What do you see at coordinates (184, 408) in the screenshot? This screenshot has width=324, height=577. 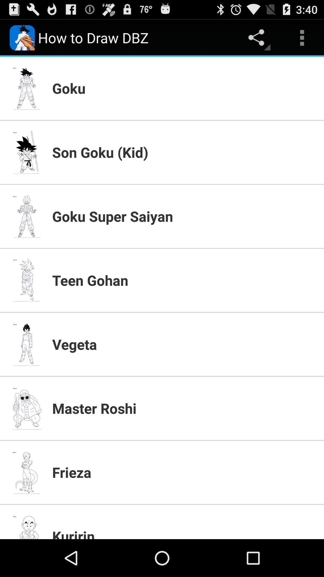 I see `app below vegeta` at bounding box center [184, 408].